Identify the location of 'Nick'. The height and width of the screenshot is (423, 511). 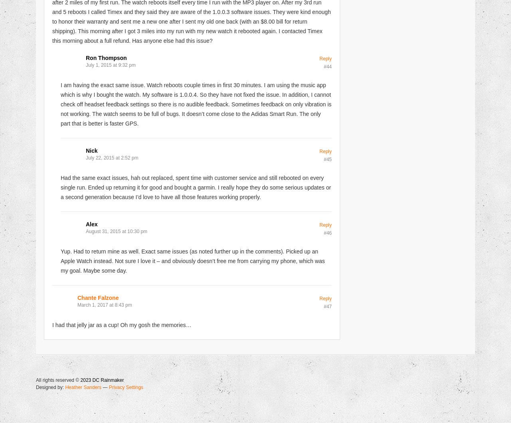
(91, 150).